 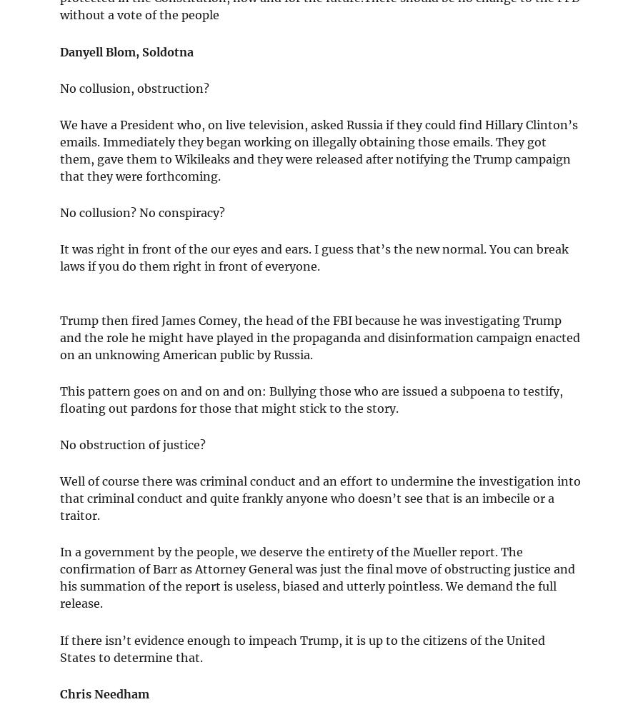 What do you see at coordinates (319, 149) in the screenshot?
I see `'We have a President who, on live television, asked Russia if they could find Hillary Clinton’s emails. Immediately they began working on illegally obtaining those emails. They got them, gave them to Wikileaks and they were released after notifying the Trump campaign that they were forthcoming.'` at bounding box center [319, 149].